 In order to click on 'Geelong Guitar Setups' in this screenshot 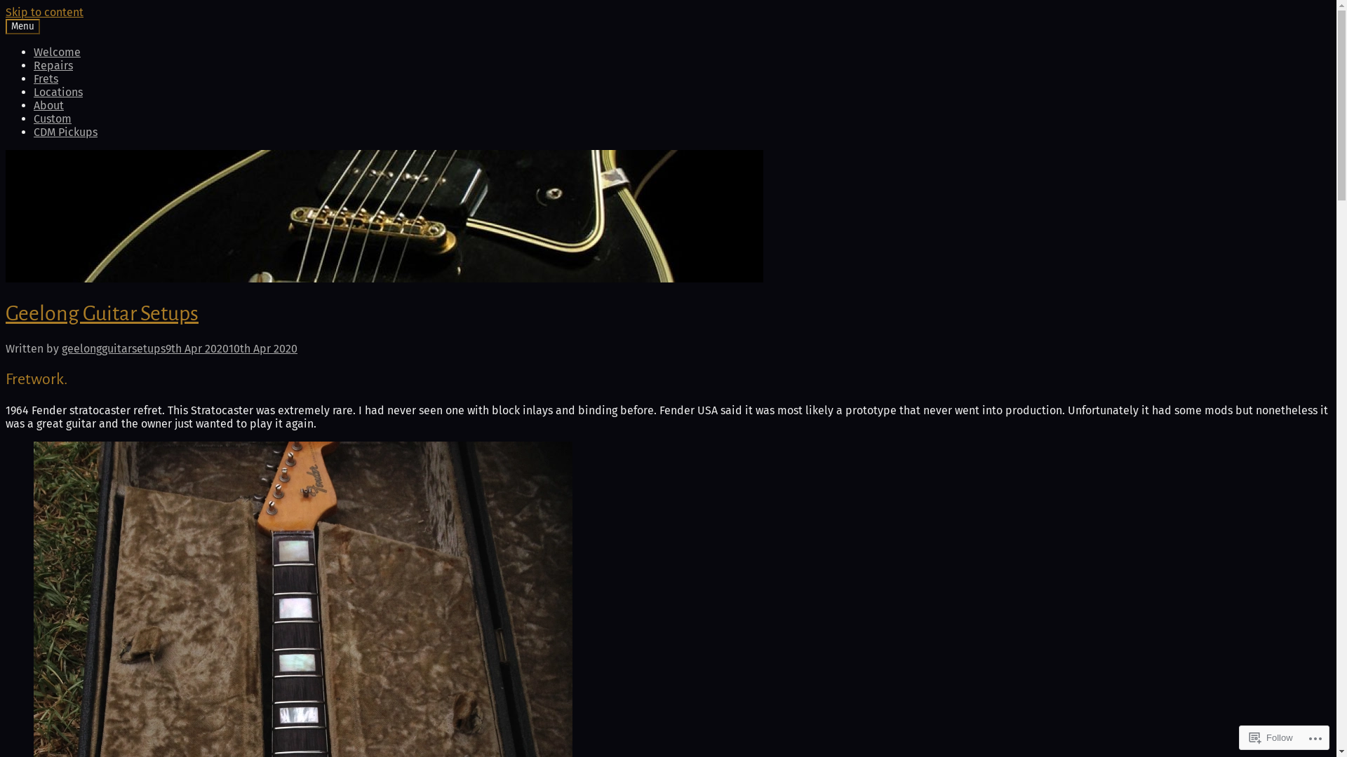, I will do `click(101, 313)`.